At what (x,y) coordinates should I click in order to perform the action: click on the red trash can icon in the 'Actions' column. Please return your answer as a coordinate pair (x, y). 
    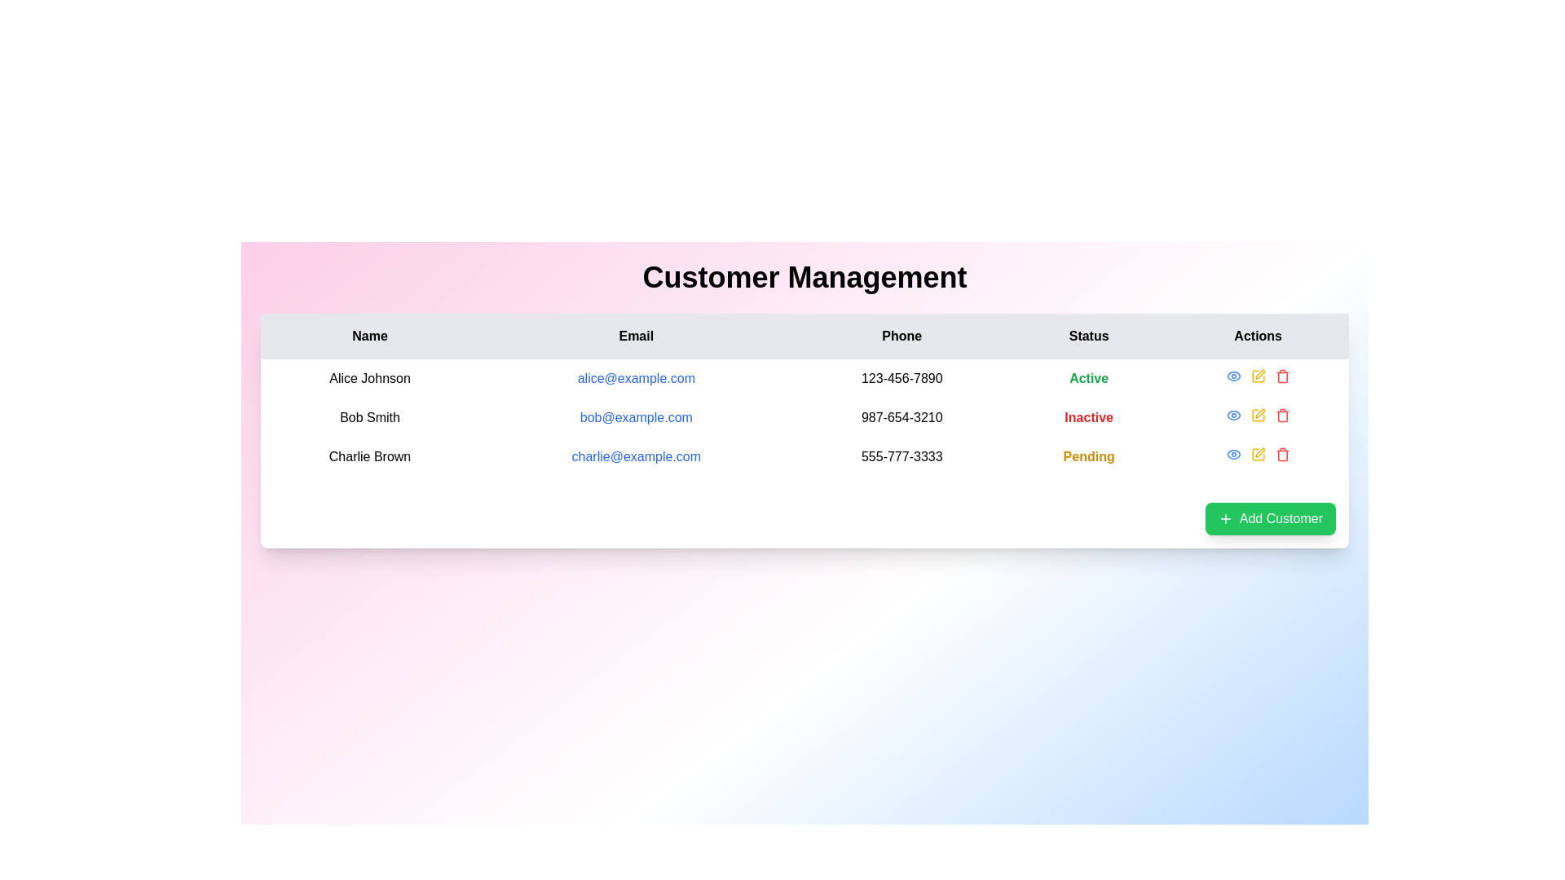
    Looking at the image, I should click on (1281, 414).